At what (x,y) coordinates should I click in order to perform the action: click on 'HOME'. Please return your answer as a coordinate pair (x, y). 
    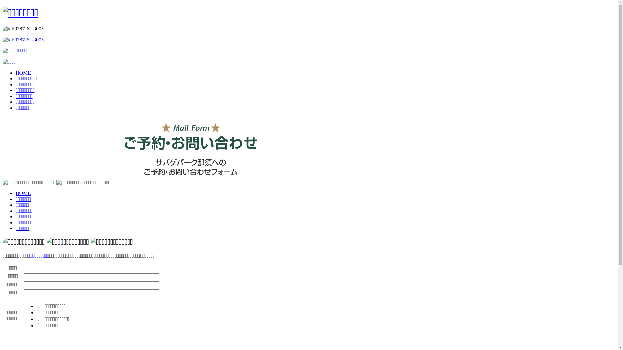
    Looking at the image, I should click on (16, 193).